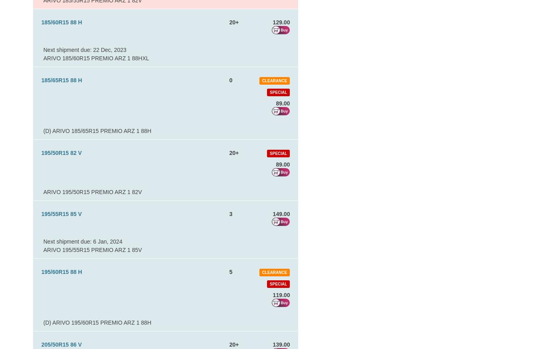  I want to click on '(D) ARIVO 195/60R15 PREMIO ARZ 1 88H', so click(43, 323).